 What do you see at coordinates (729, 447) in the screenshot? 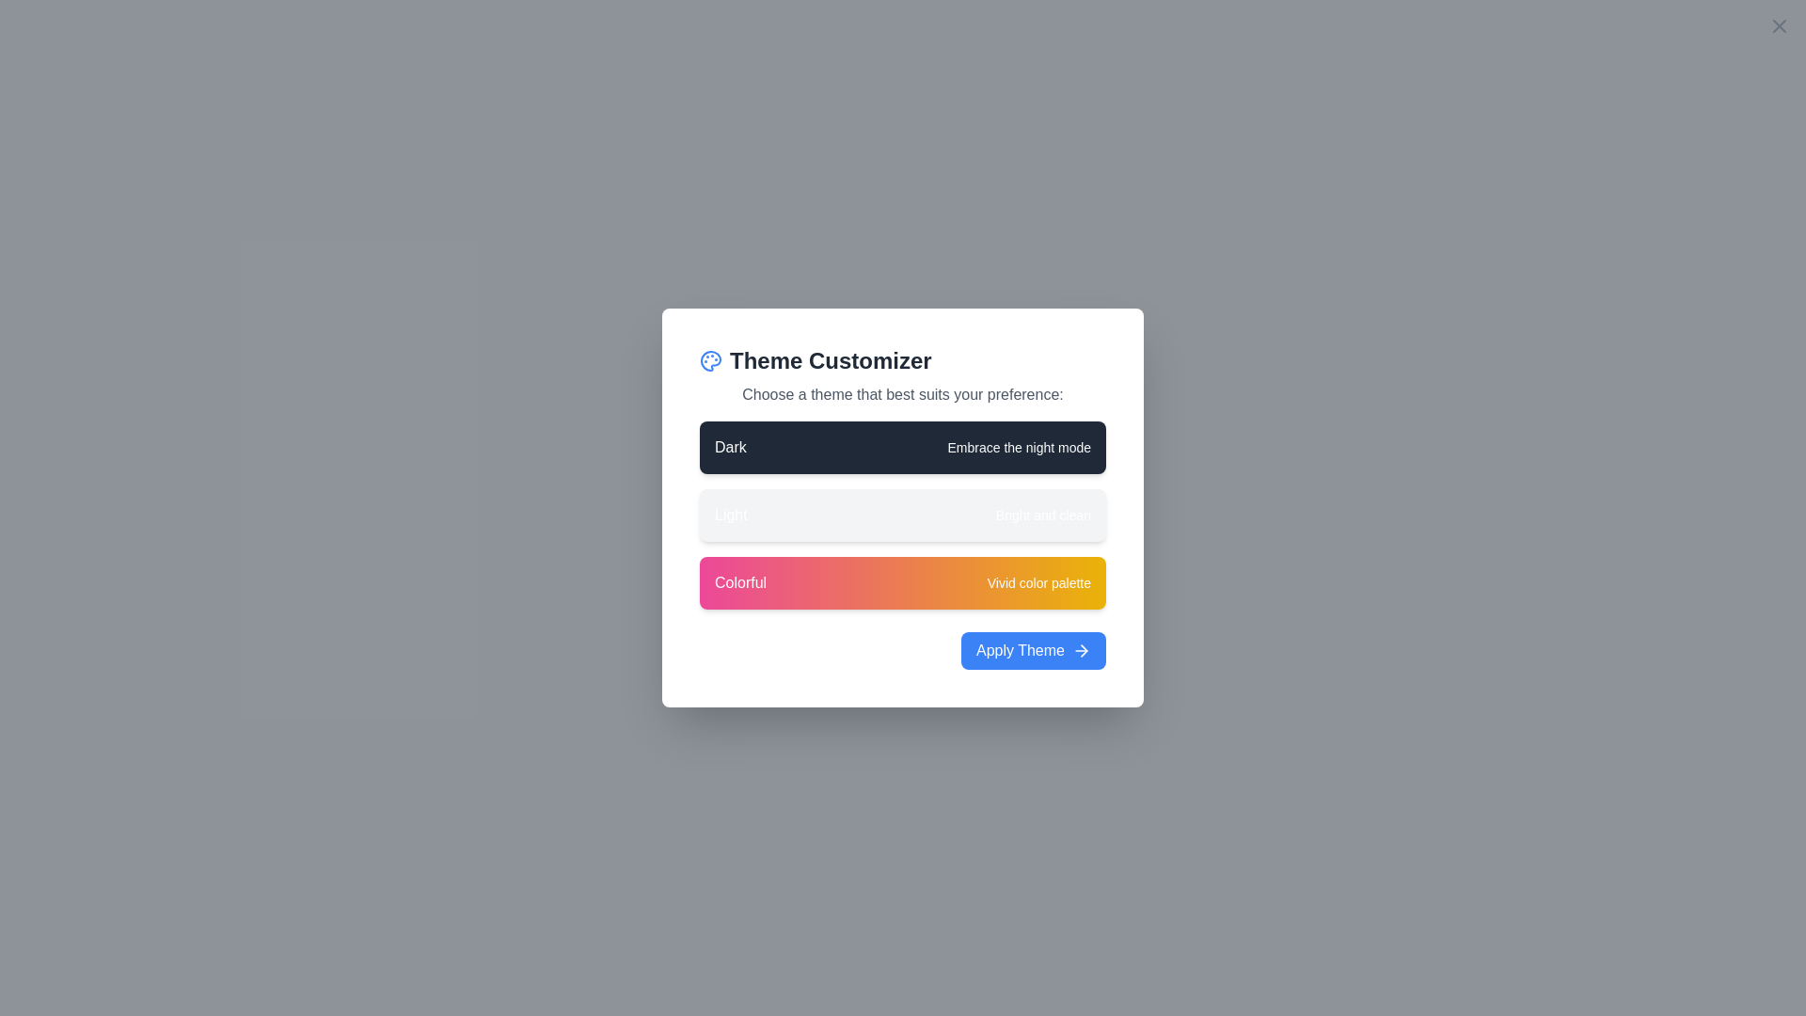
I see `the Static text label displaying the word 'Dark', which is part of the Theme Customizer dialog and positioned inside a dark rectangular background` at bounding box center [729, 447].